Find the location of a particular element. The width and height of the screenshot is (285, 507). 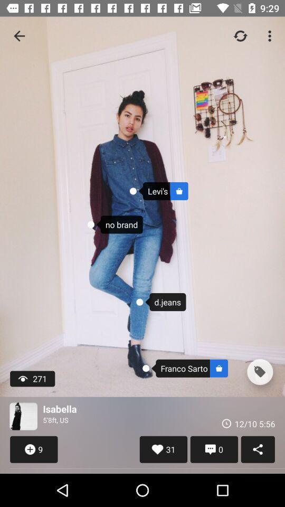

tag is located at coordinates (259, 372).